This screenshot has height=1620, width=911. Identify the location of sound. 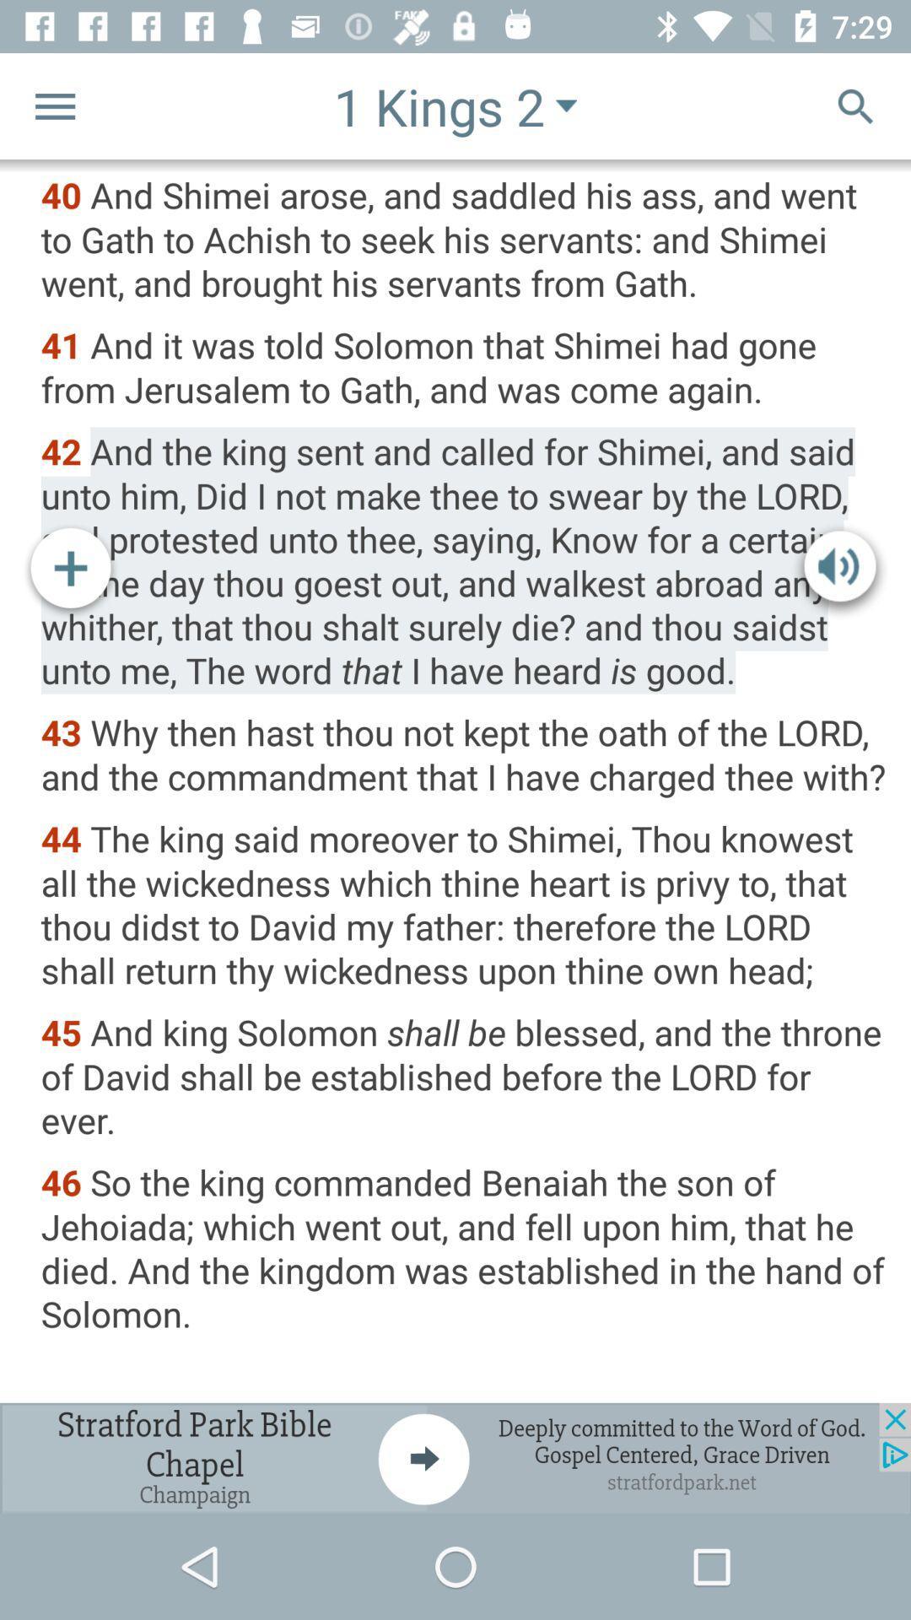
(839, 571).